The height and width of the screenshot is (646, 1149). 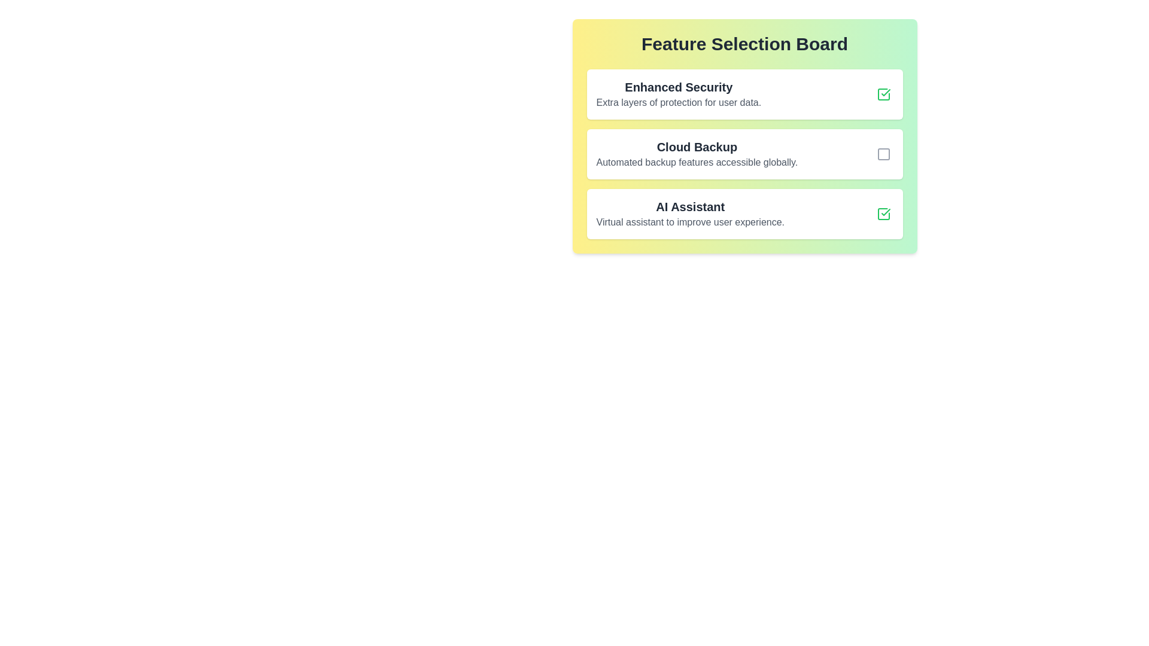 What do you see at coordinates (697, 154) in the screenshot?
I see `the Text Display element that indicates the availability of cloud backup functionality, which is situated between 'Enhanced Security' and 'AI Assistant' in the 'Feature Selection Board' panel` at bounding box center [697, 154].